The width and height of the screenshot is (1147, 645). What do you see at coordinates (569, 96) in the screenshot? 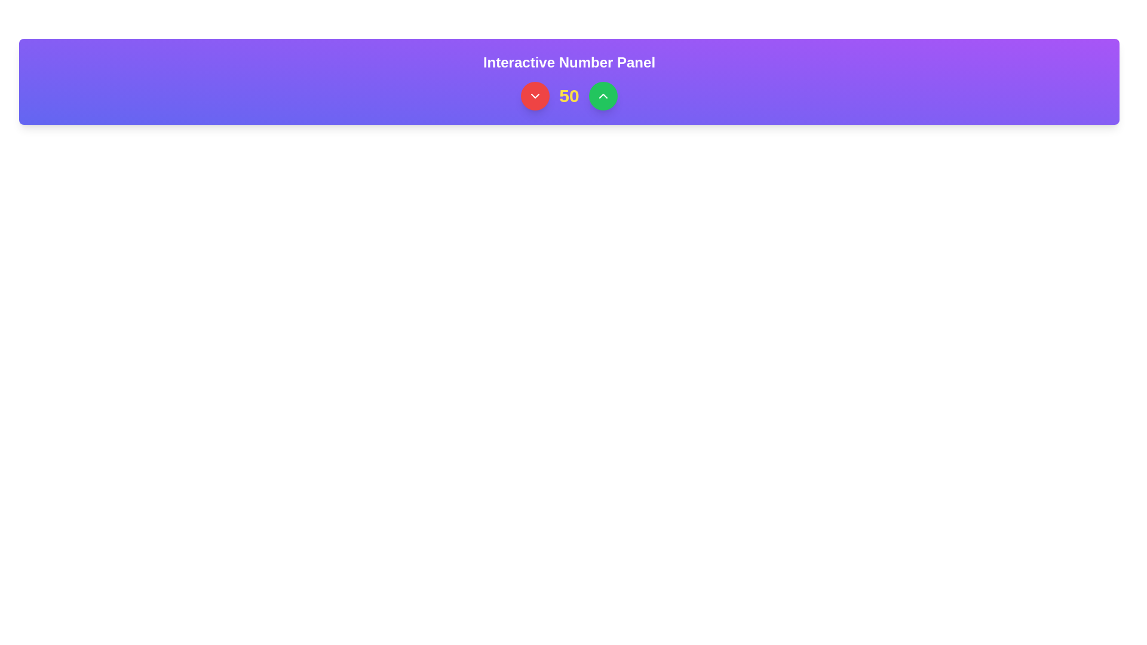
I see `the static text element that displays a numerical value, positioned centrally between a red button with a downward chevron and a green button with an upward chevron` at bounding box center [569, 96].